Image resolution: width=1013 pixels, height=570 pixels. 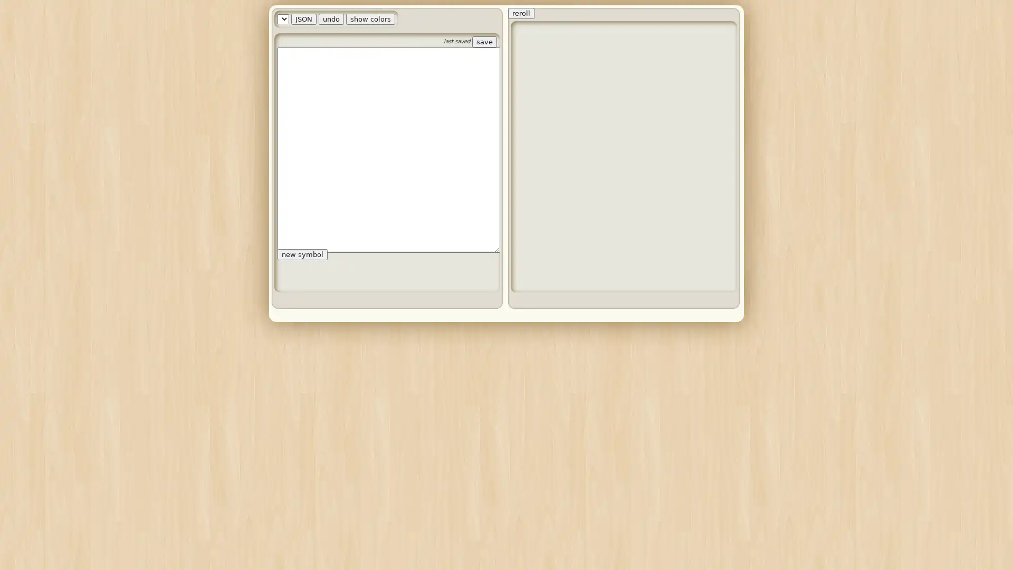 I want to click on new symbol, so click(x=302, y=108).